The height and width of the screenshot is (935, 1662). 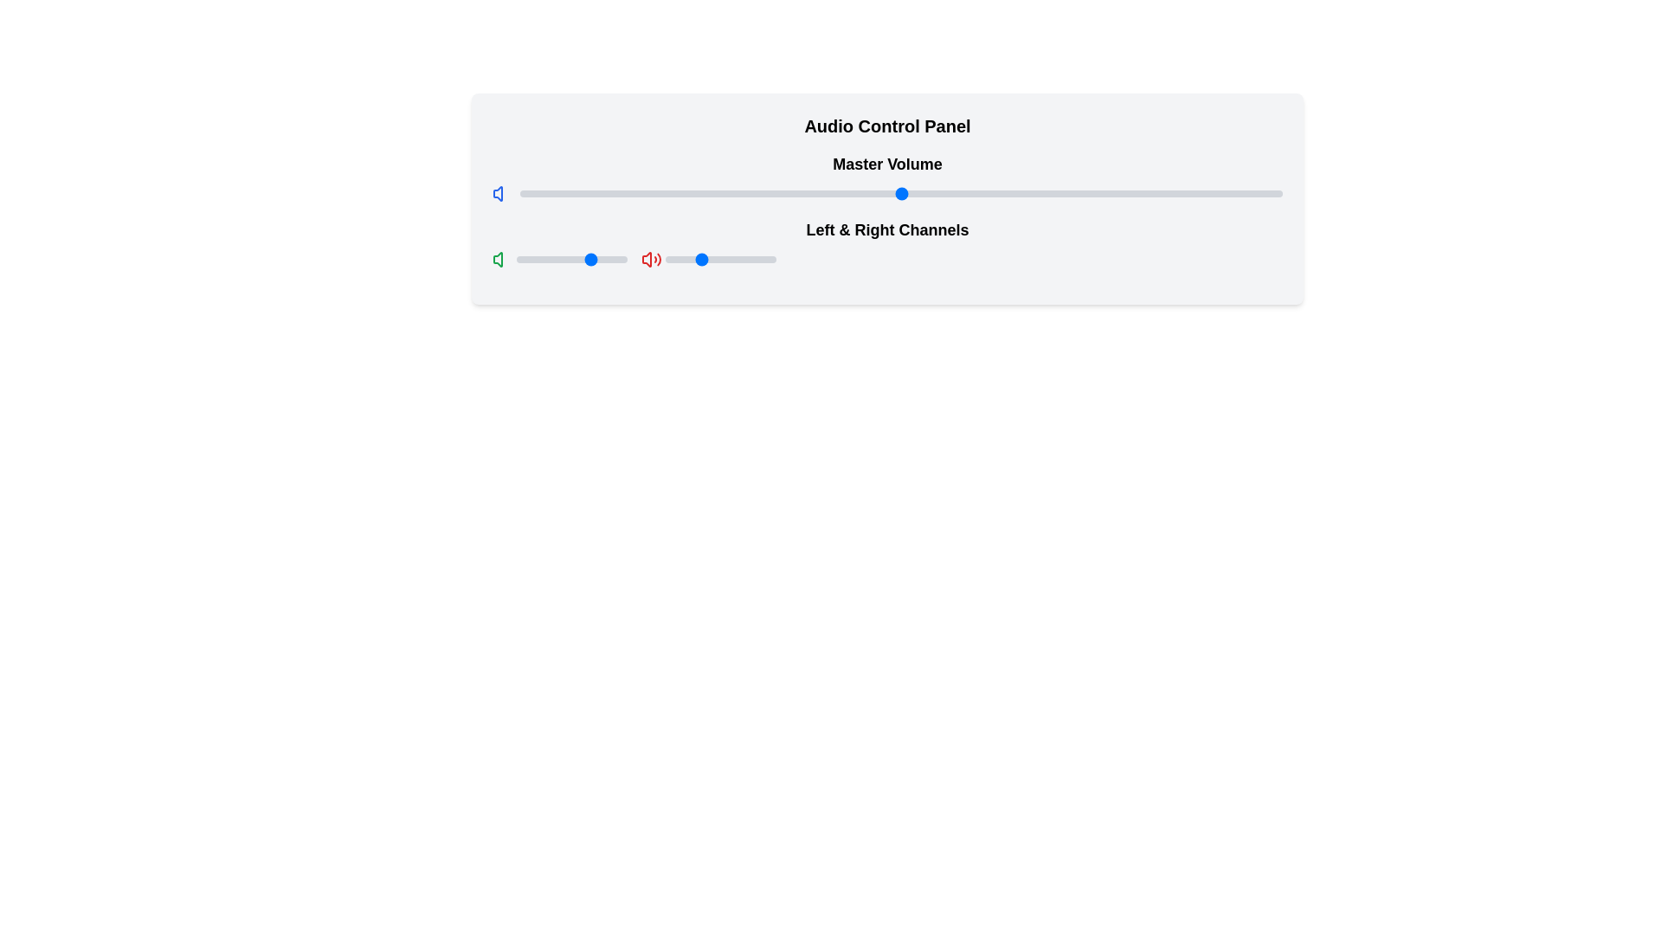 What do you see at coordinates (622, 260) in the screenshot?
I see `the left-right channel balance` at bounding box center [622, 260].